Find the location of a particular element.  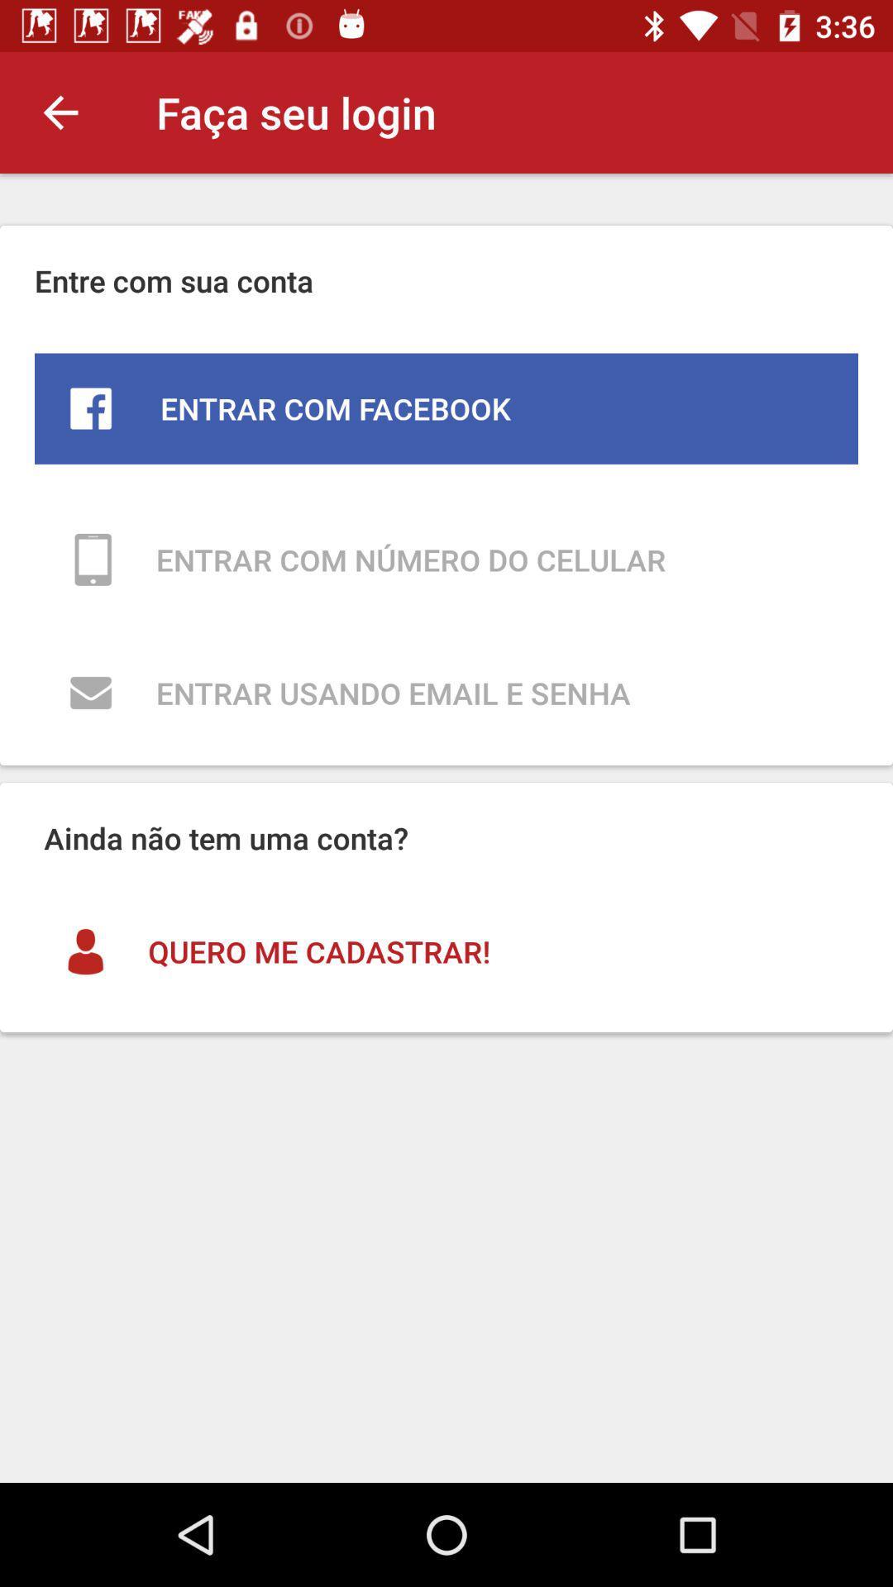

the entrar usando email icon is located at coordinates (446, 693).